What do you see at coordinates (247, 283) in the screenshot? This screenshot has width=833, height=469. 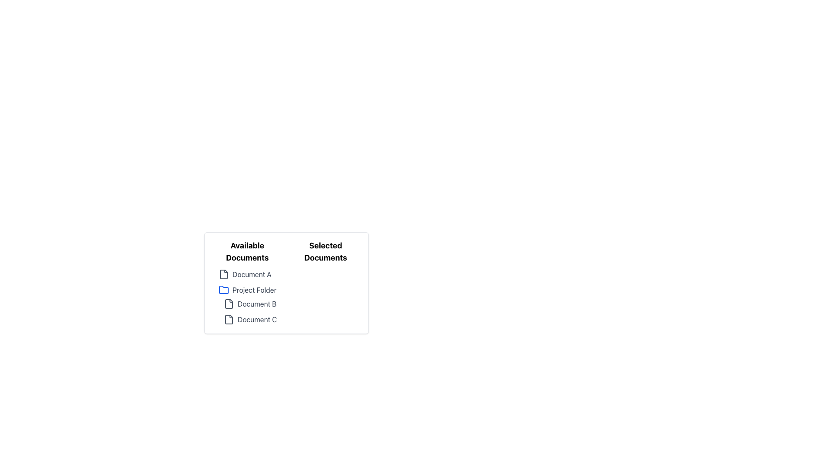 I see `the 'Available Documents' list component` at bounding box center [247, 283].